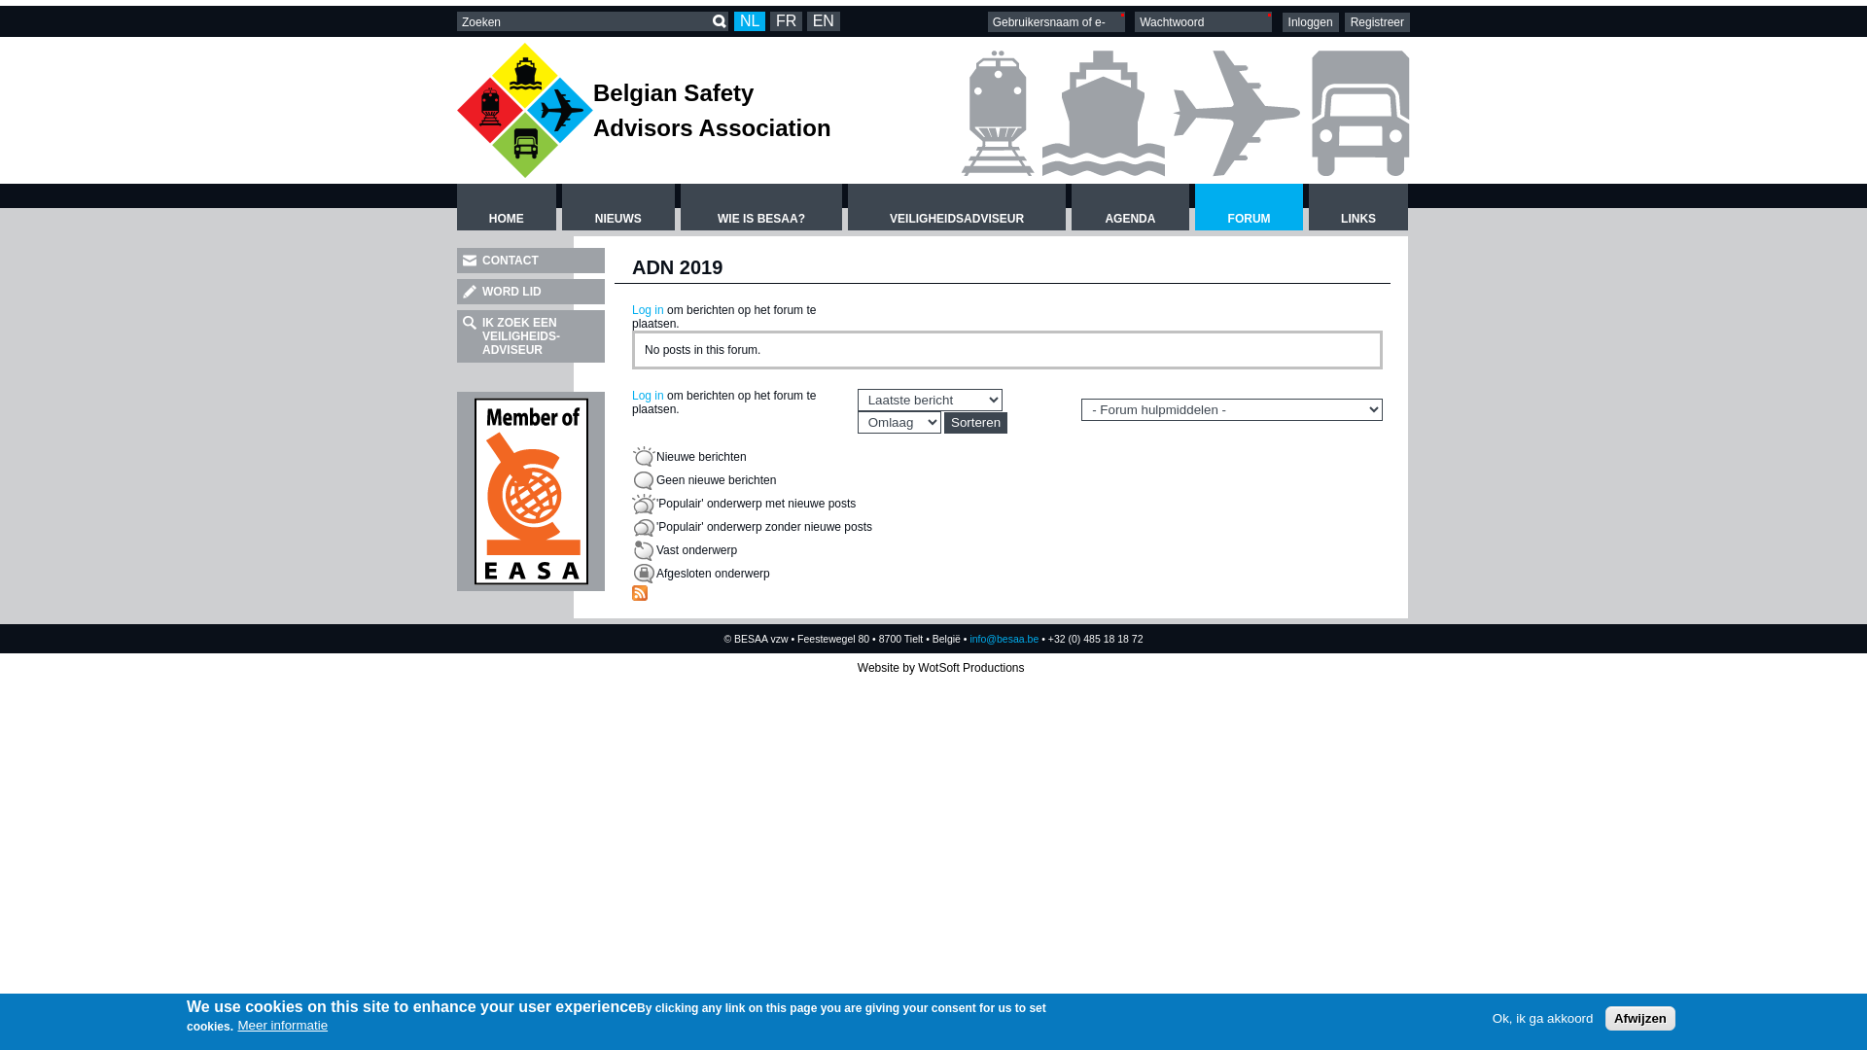 The width and height of the screenshot is (1867, 1050). Describe the element at coordinates (1376, 22) in the screenshot. I see `'Registreer'` at that location.